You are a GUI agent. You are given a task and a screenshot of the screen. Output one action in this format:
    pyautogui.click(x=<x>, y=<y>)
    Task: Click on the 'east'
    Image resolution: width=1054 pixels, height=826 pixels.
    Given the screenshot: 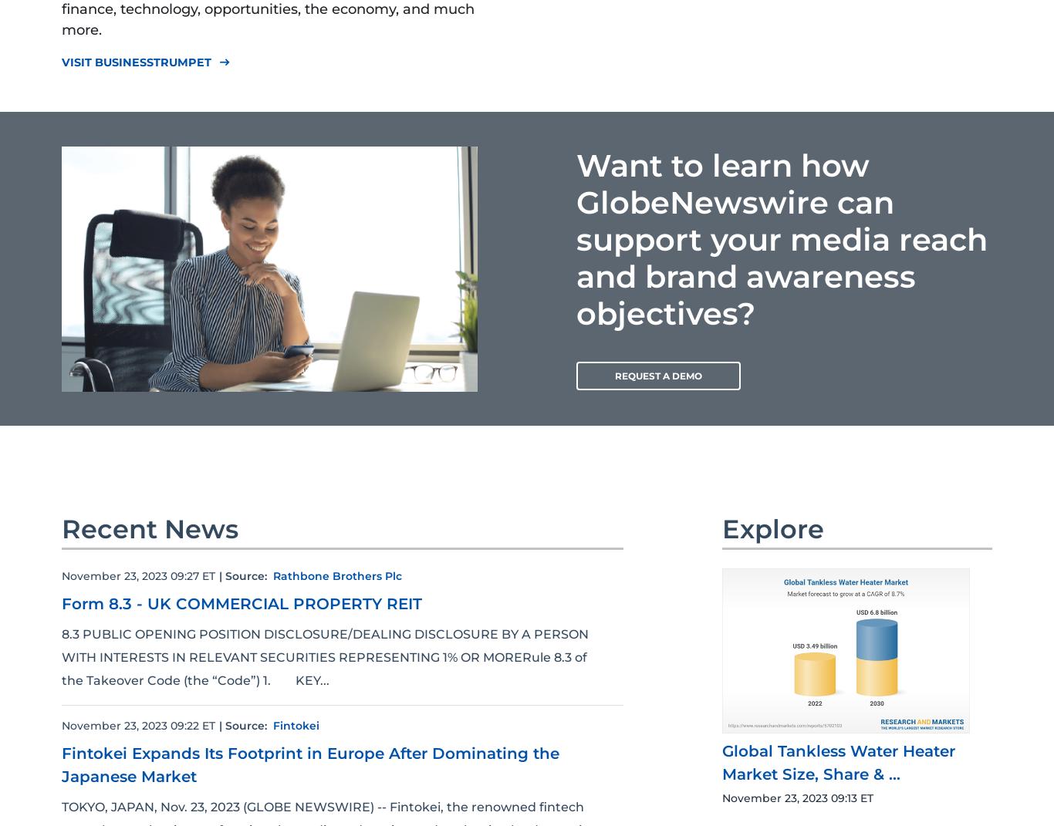 What is the action you would take?
    pyautogui.click(x=224, y=62)
    